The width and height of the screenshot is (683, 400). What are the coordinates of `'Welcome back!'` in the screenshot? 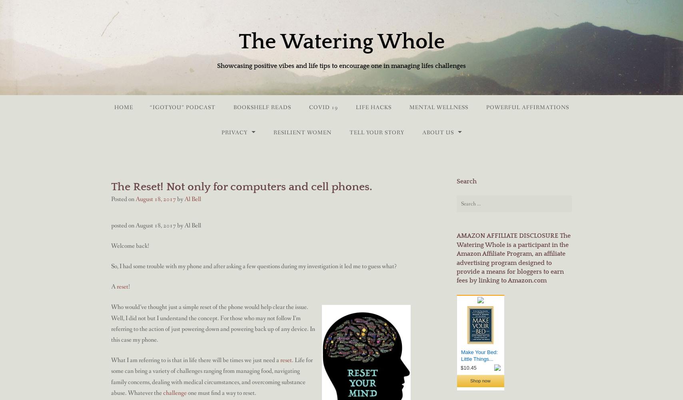 It's located at (111, 245).